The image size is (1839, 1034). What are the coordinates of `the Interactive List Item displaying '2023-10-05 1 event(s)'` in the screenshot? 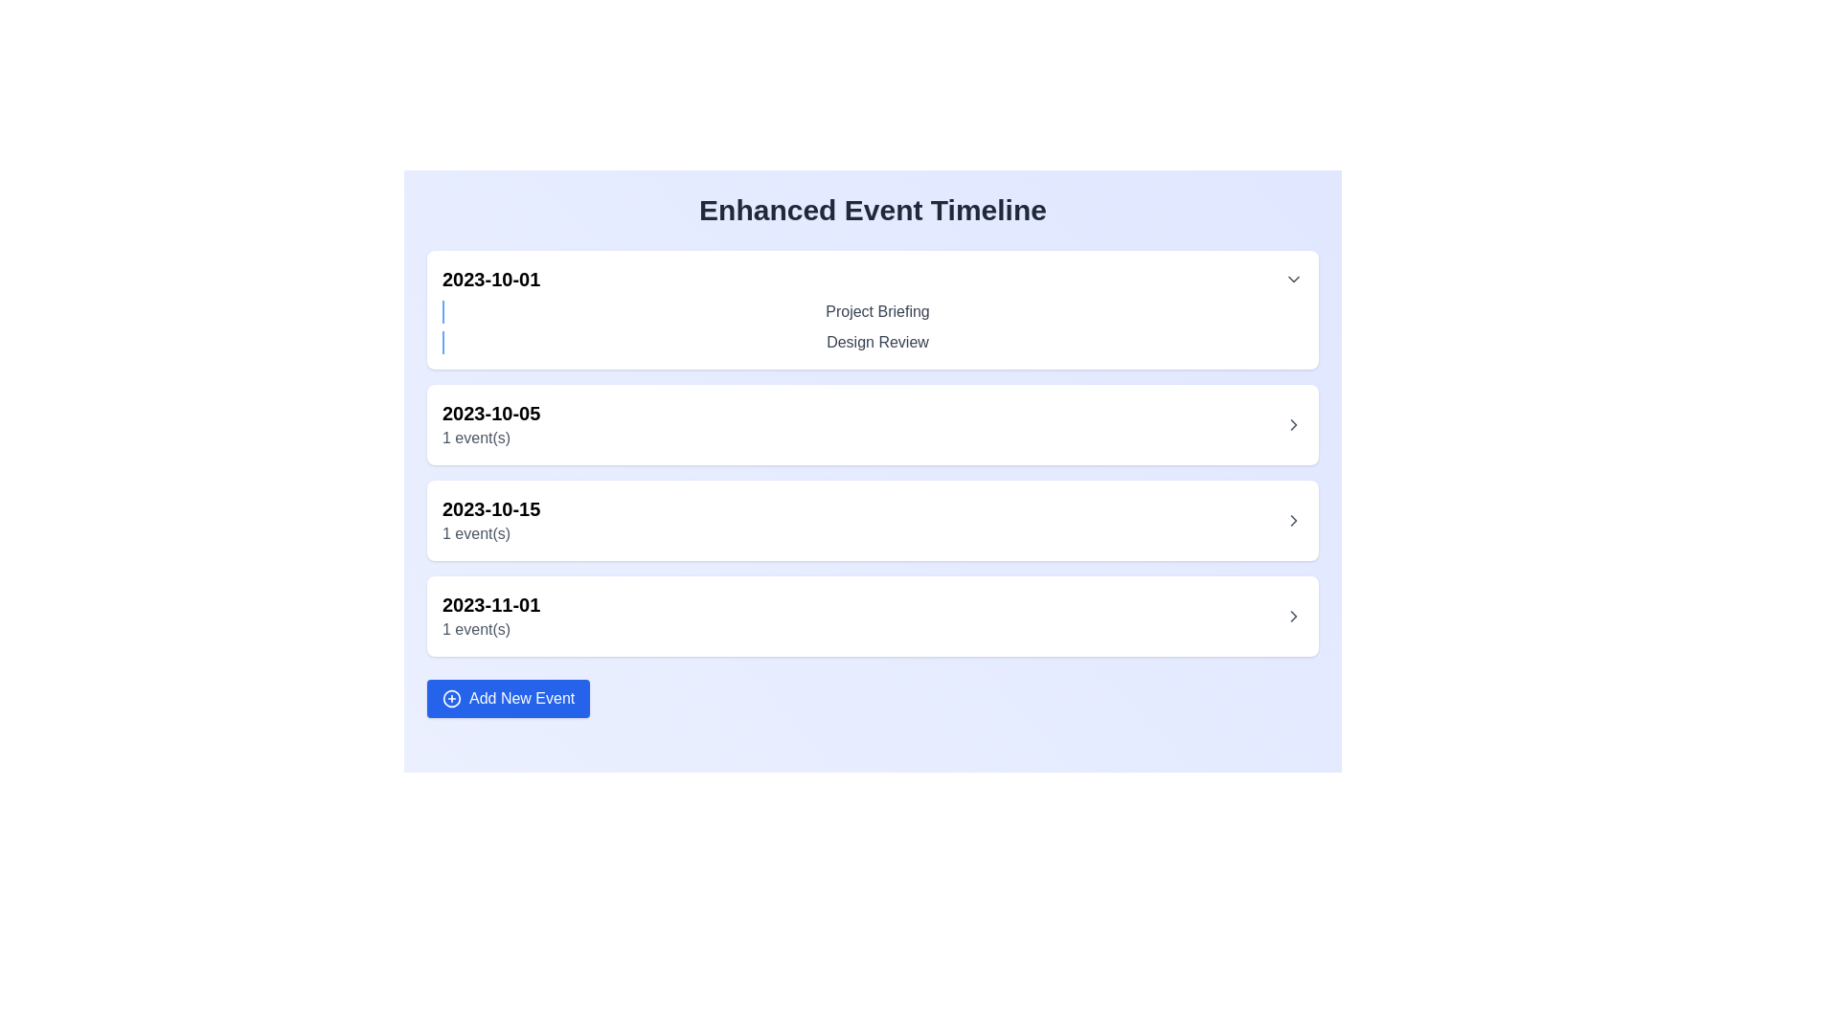 It's located at (872, 423).